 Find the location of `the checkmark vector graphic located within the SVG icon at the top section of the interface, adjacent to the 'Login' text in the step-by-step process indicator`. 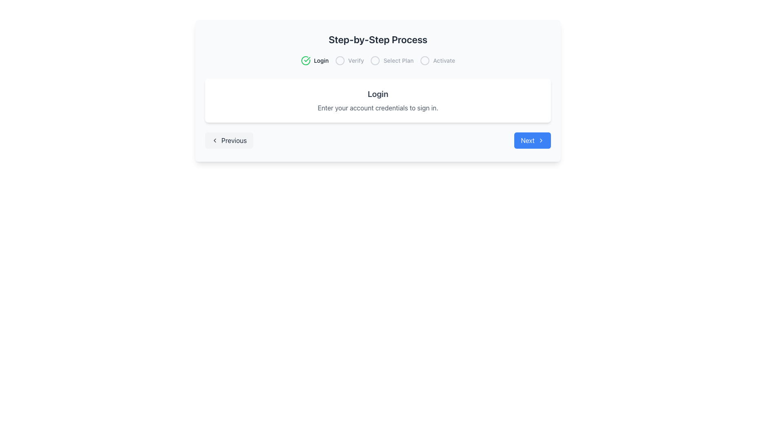

the checkmark vector graphic located within the SVG icon at the top section of the interface, adjacent to the 'Login' text in the step-by-step process indicator is located at coordinates (307, 59).